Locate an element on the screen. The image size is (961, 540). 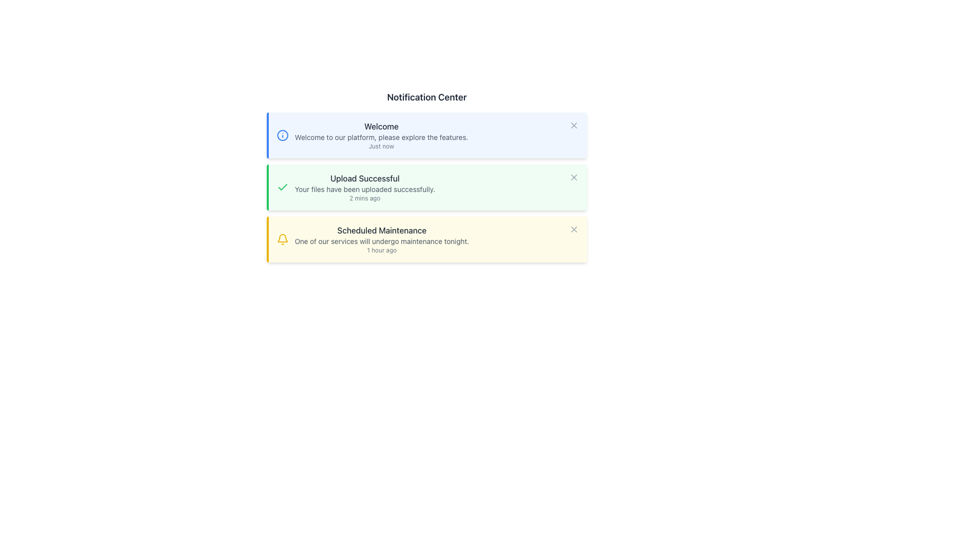
the Informational Card located at the topmost position in the notification list, which has a blue vertical border on the left and a close button on the top-right corner is located at coordinates (372, 135).